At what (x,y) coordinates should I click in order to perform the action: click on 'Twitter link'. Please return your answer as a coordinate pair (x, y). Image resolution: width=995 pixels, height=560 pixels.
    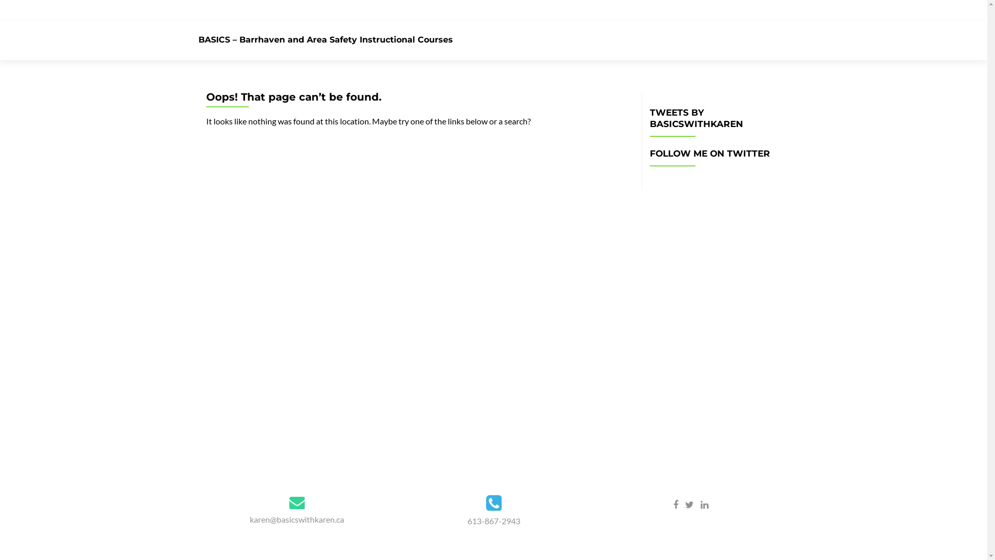
    Looking at the image, I should click on (685, 503).